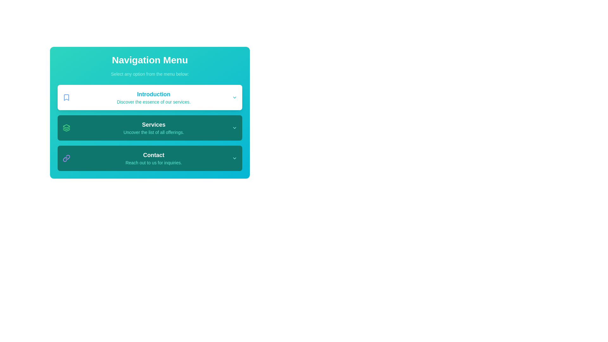  Describe the element at coordinates (234, 158) in the screenshot. I see `the toggle icon located at the far right of the 'Contact' section` at that location.